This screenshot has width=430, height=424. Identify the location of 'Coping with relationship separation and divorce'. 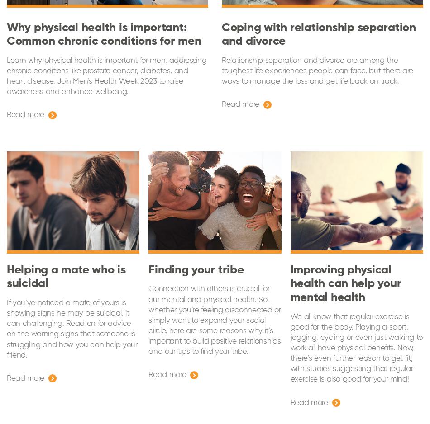
(319, 34).